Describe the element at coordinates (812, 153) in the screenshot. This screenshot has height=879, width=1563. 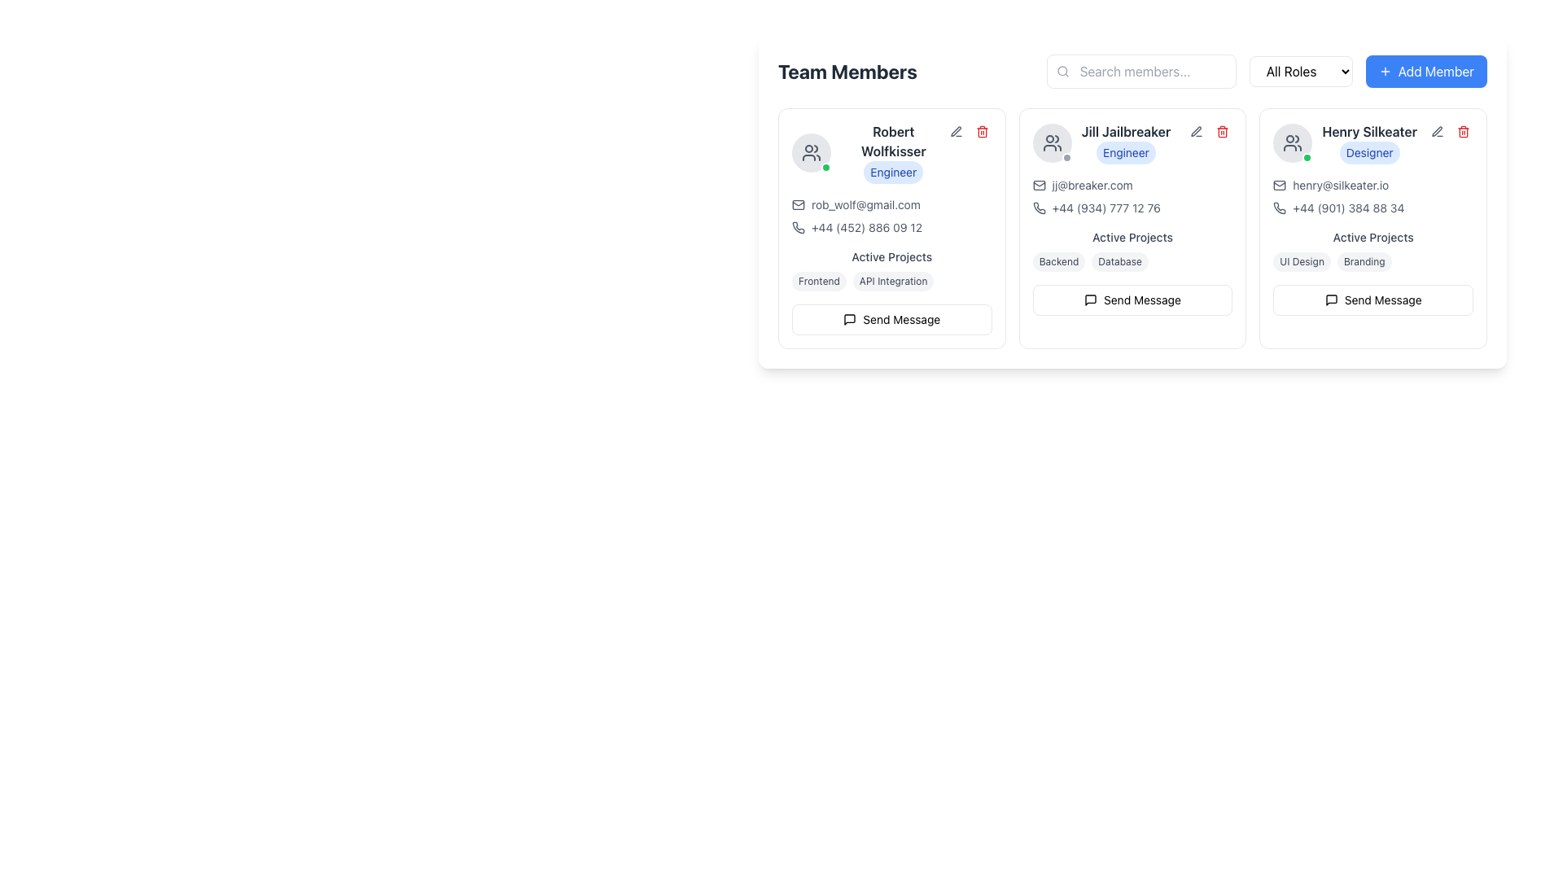
I see `the 'group' icon element located at the top-left corner of the team member card` at that location.